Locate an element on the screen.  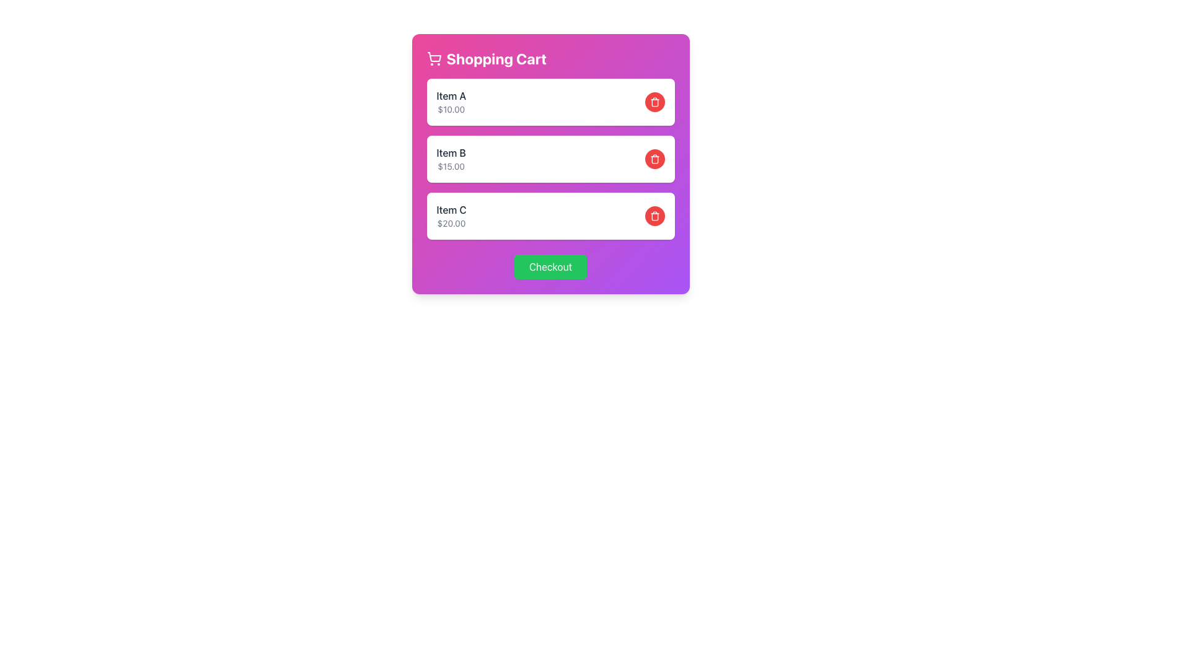
the green rounded rectangular button labeled 'Checkout' located at the bottom-center of the shopping cart interface to proceed to checkout is located at coordinates (550, 266).